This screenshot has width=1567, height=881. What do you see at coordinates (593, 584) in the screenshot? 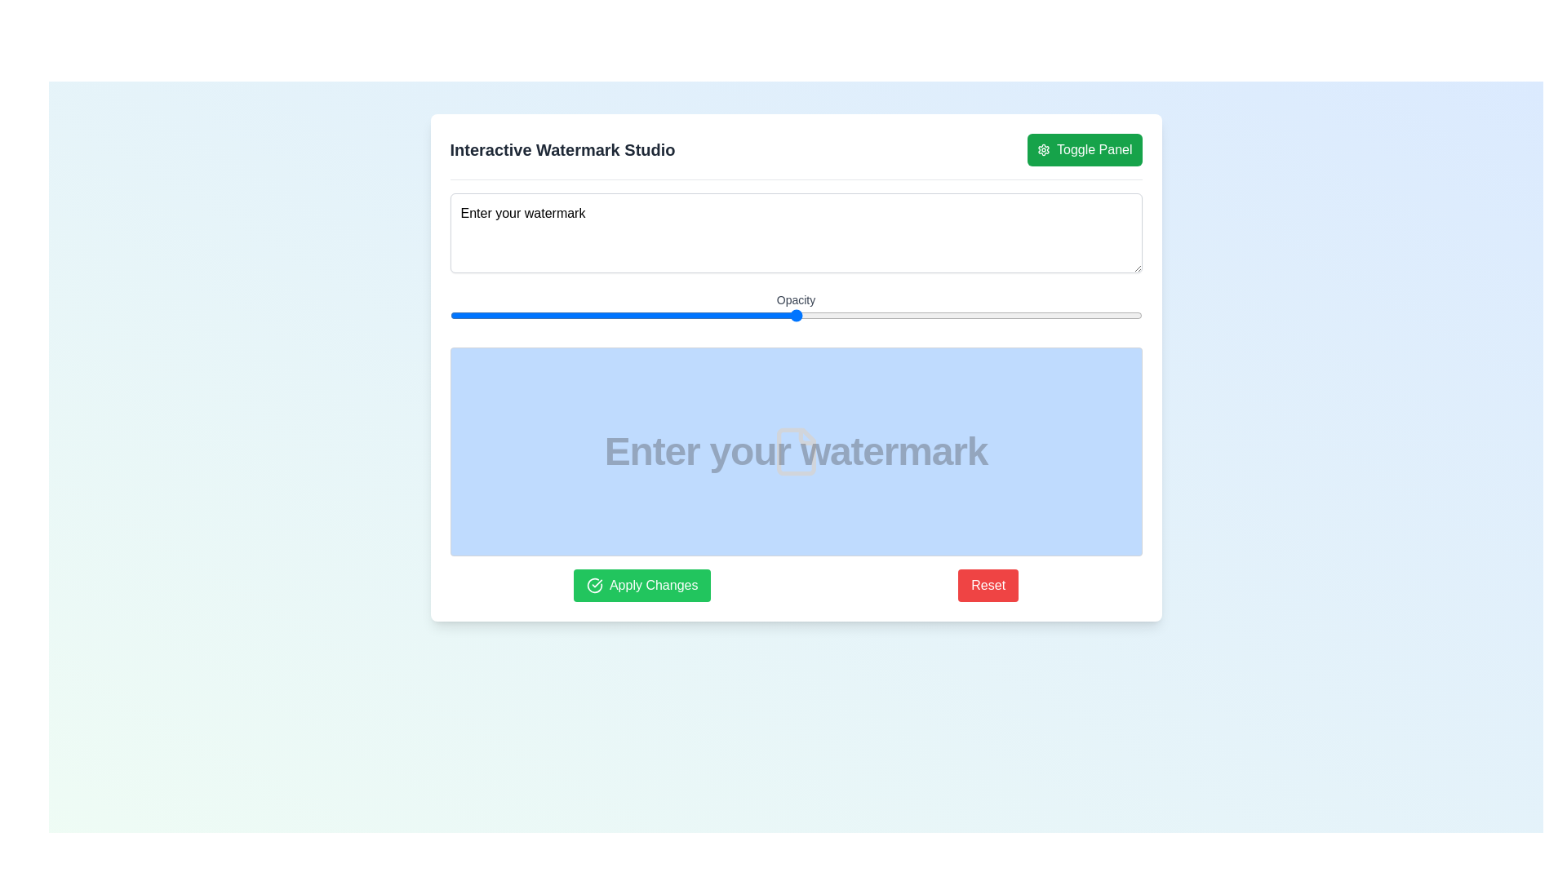
I see `the icon that indicates the 'Apply Changes' action, which is located to the left of the text within a green rectangular button at the bottom left area of the interface` at bounding box center [593, 584].